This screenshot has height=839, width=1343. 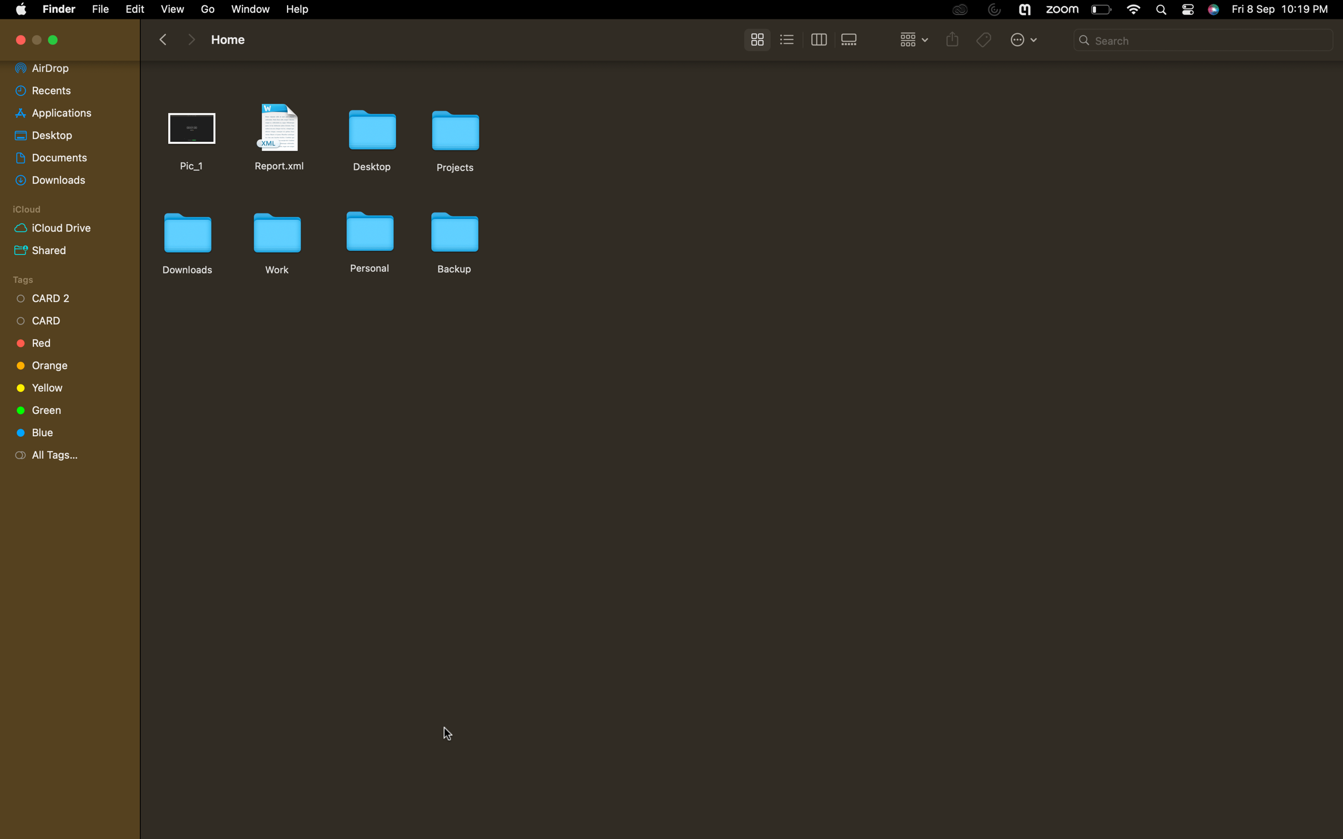 What do you see at coordinates (21, 41) in the screenshot?
I see `Exit the active tab` at bounding box center [21, 41].